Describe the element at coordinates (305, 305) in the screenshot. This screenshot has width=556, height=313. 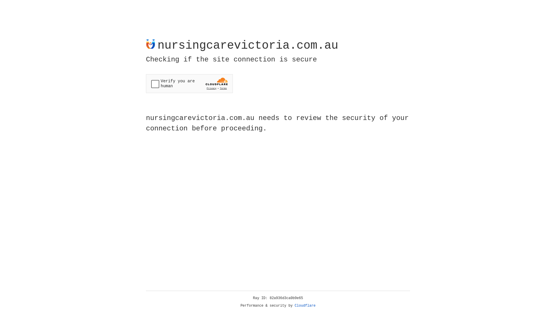
I see `'Cloudflare'` at that location.